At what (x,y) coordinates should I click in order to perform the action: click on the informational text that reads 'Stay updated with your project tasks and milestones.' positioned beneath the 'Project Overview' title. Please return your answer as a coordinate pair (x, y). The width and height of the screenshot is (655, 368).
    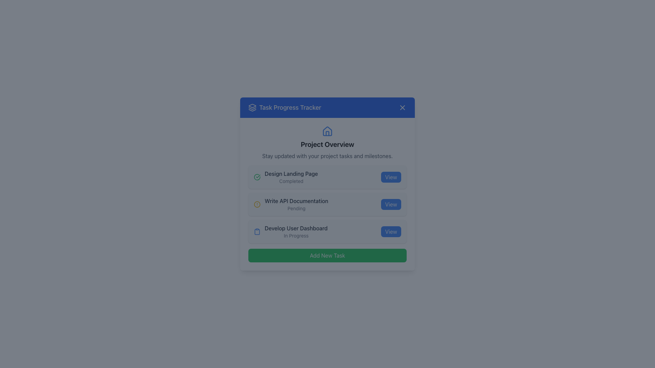
    Looking at the image, I should click on (327, 156).